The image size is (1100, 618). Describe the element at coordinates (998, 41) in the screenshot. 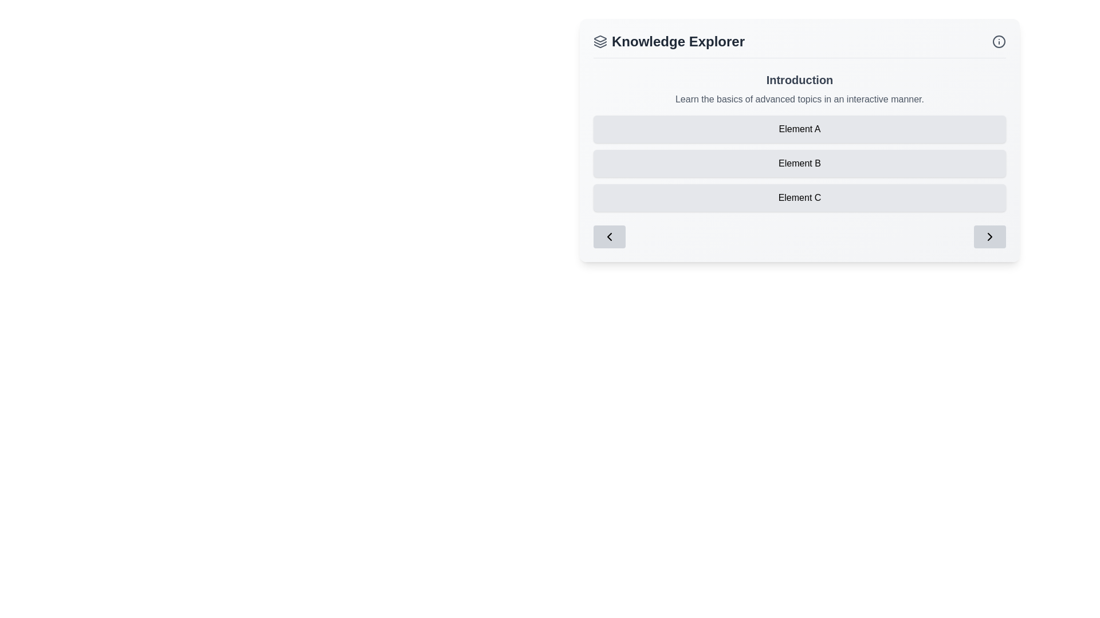

I see `the circular element that serves as the backdrop for the informational symbol in the SVG graphic, located at the top-right corner of the interface, just leftward of the 'Knowledge Explorer' header` at that location.